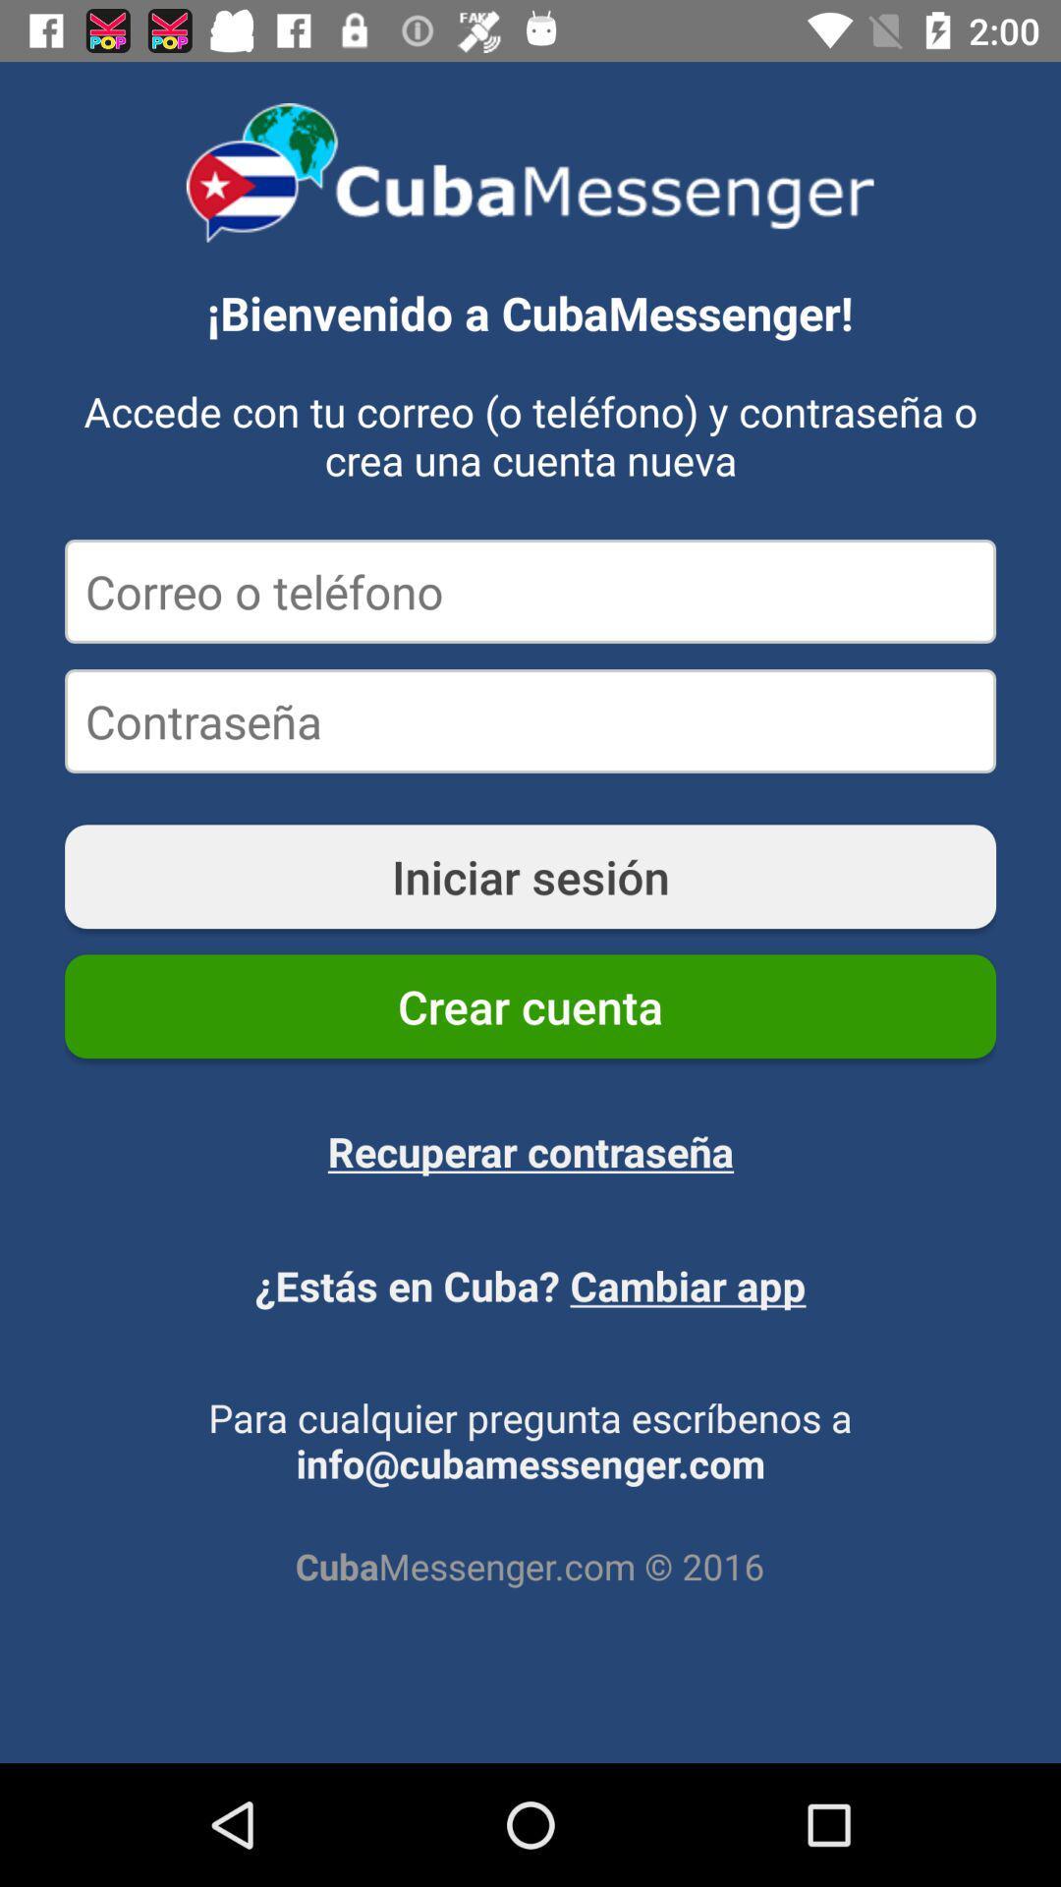  What do you see at coordinates (530, 876) in the screenshot?
I see `button above the crear cuenta button` at bounding box center [530, 876].